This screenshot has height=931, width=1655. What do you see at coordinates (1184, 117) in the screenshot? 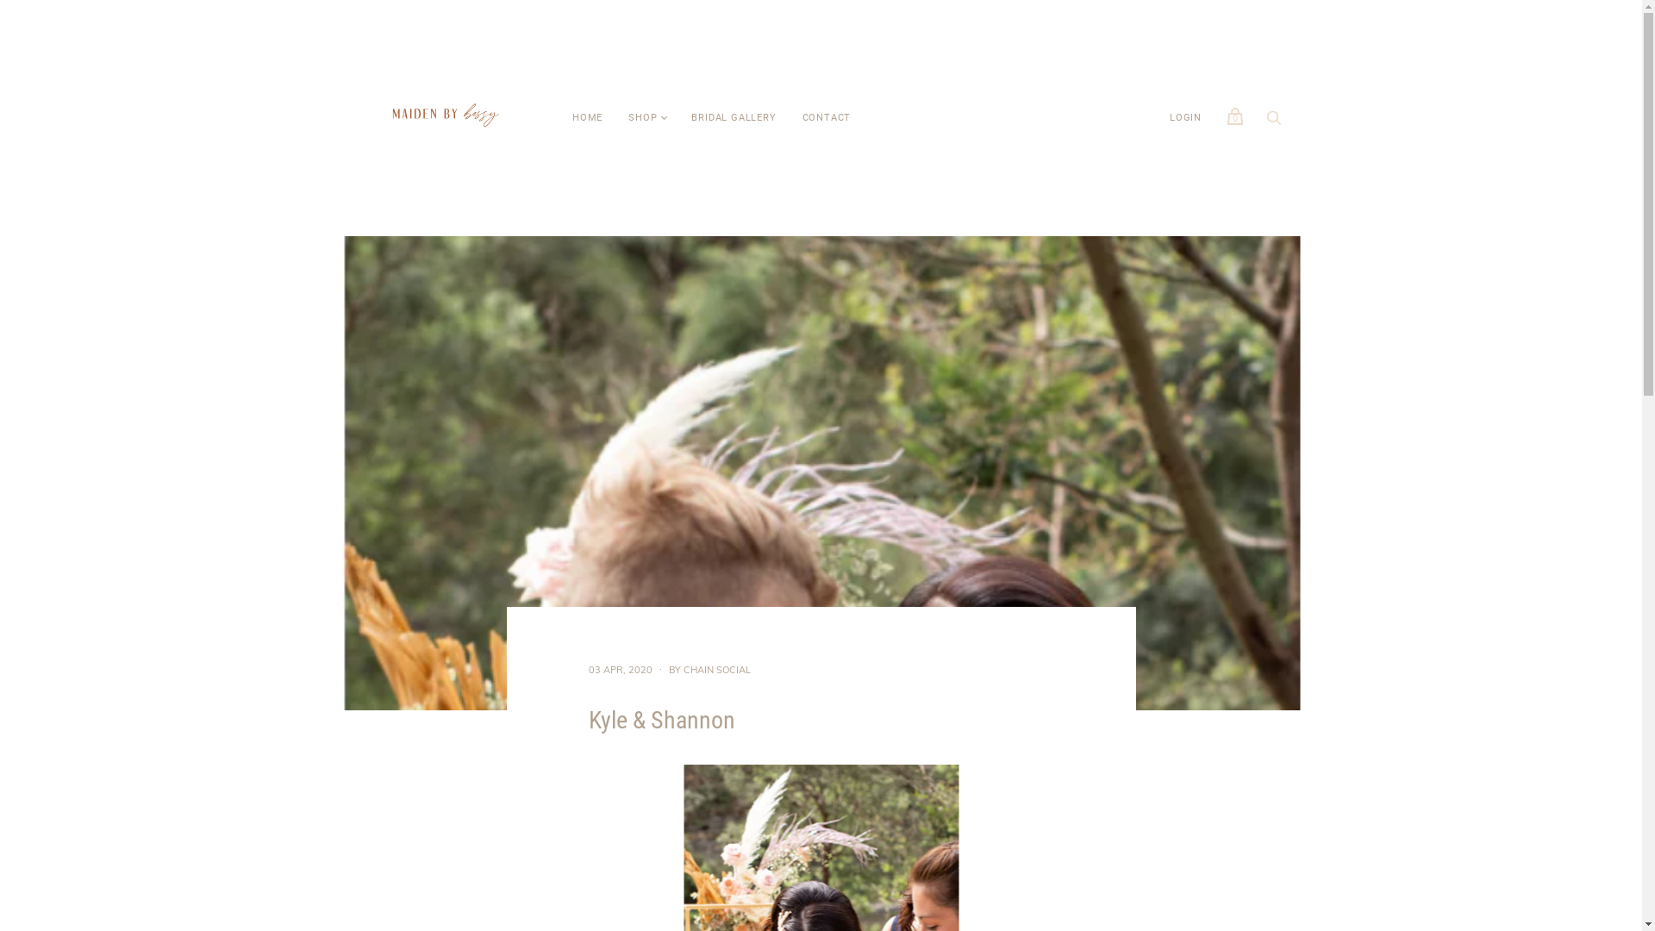
I see `'LOGIN'` at bounding box center [1184, 117].